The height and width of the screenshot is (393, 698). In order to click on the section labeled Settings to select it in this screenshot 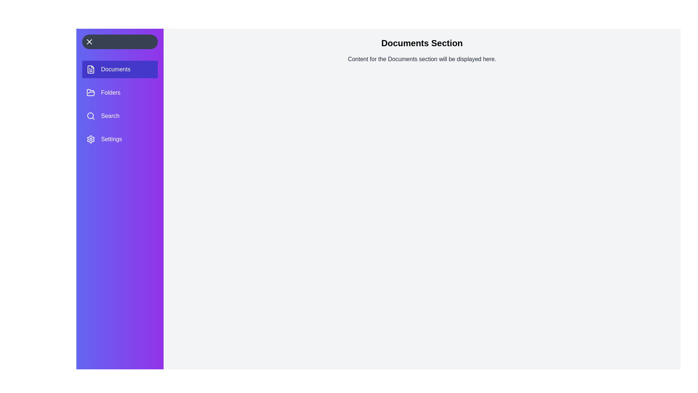, I will do `click(120, 139)`.